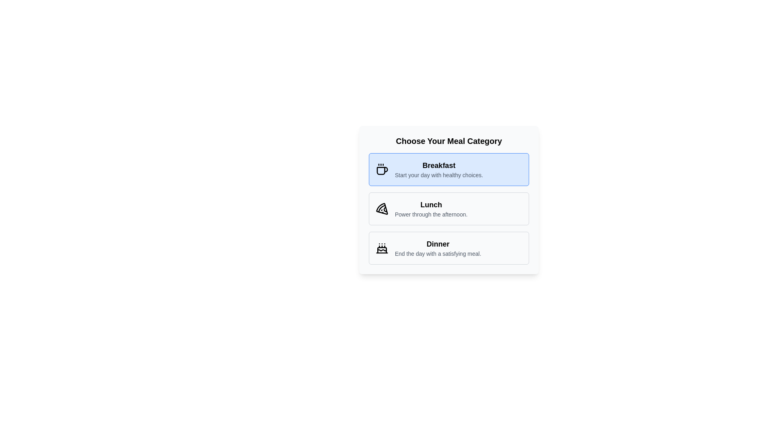 The image size is (769, 433). I want to click on the text label that reads 'Start your day with healthy choices.' which is styled with a gray-colored font and located directly below the 'Breakfast' heading, so click(439, 174).